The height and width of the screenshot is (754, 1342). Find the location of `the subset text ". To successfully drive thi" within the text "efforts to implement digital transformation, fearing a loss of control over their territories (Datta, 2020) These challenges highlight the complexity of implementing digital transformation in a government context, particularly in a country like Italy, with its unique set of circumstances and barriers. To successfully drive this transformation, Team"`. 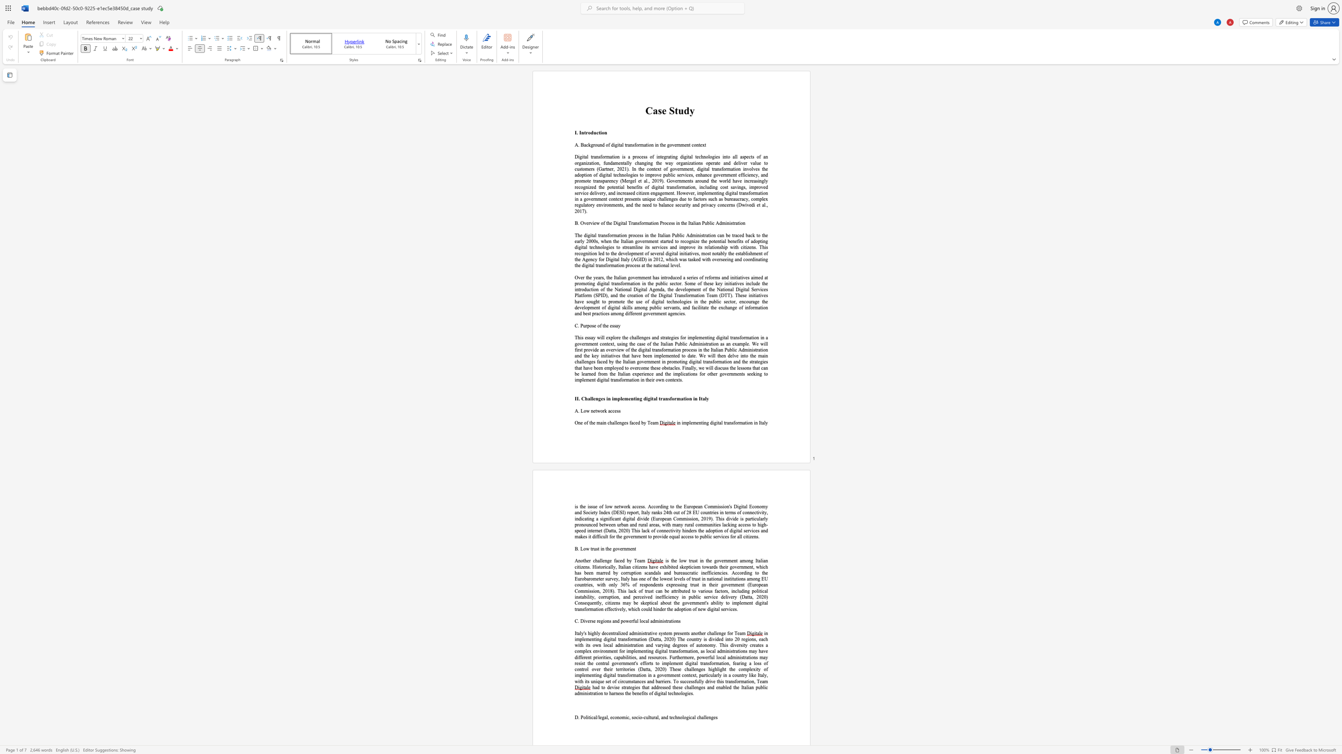

the subset text ". To successfully drive thi" within the text "efforts to implement digital transformation, fearing a loss of control over their territories (Datta, 2020) These challenges highlight the complexity of implementing digital transformation in a government context, particularly in a country like Italy, with its unique set of circumstances and barriers. To successfully drive this transformation, Team" is located at coordinates (669, 681).